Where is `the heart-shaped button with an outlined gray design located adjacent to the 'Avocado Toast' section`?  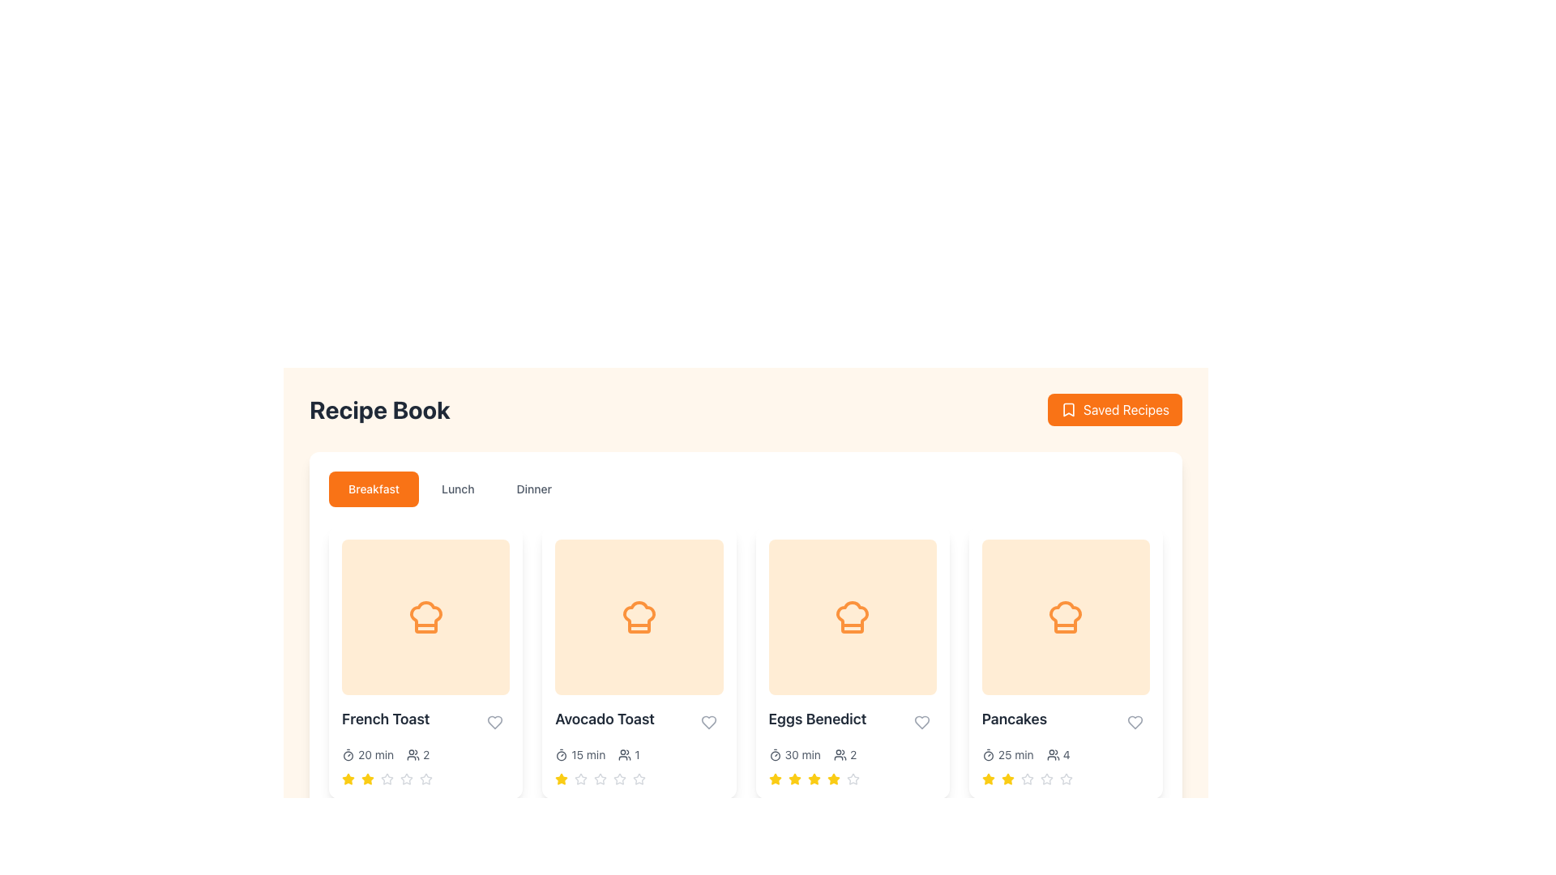 the heart-shaped button with an outlined gray design located adjacent to the 'Avocado Toast' section is located at coordinates (708, 721).